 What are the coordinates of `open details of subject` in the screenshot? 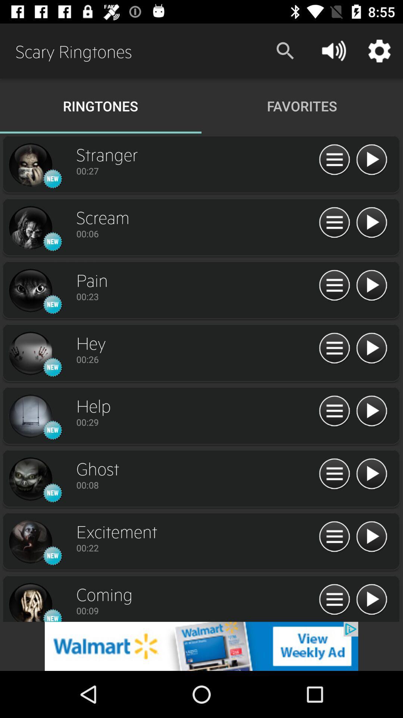 It's located at (334, 223).